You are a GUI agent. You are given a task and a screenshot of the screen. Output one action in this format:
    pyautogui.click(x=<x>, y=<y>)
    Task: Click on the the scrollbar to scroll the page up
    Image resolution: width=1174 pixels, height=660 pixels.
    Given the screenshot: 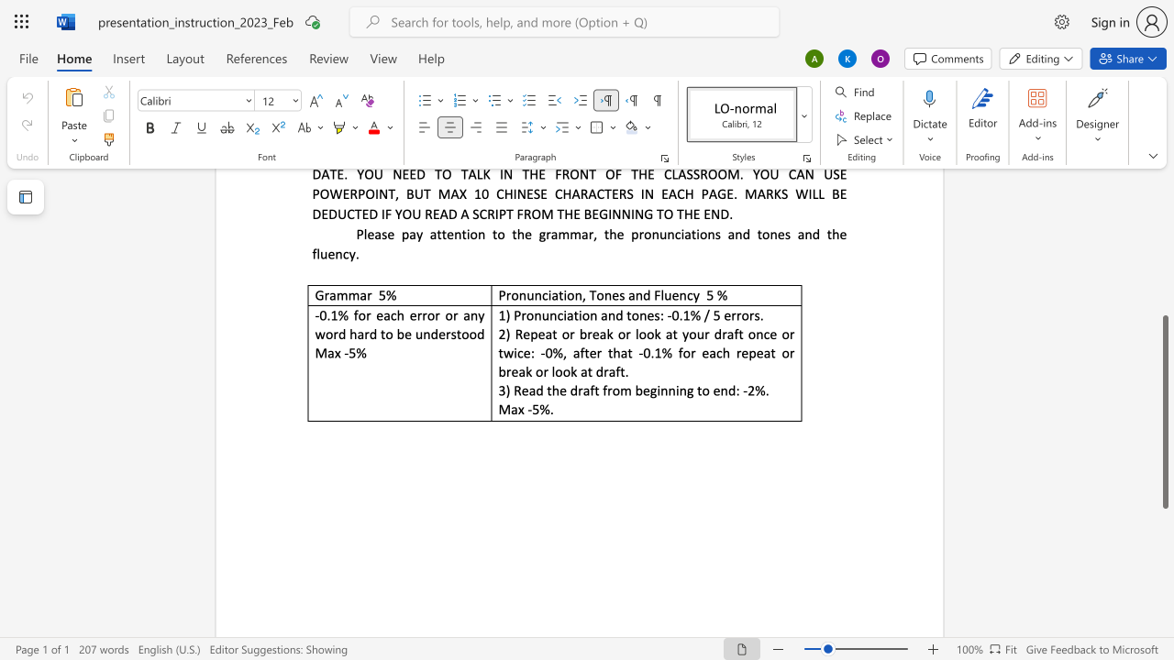 What is the action you would take?
    pyautogui.click(x=1164, y=192)
    